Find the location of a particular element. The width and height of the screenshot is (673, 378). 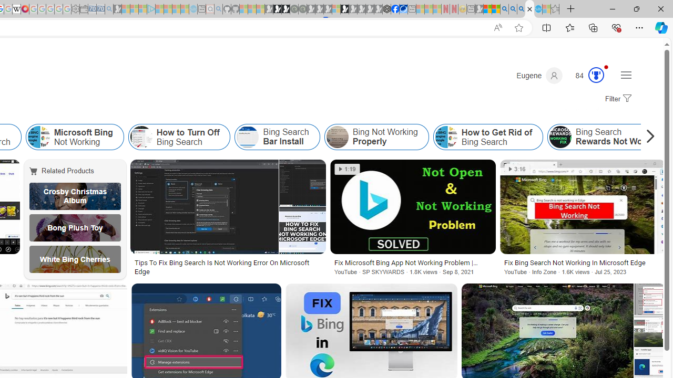

'Nordace | Facebook' is located at coordinates (394, 9).